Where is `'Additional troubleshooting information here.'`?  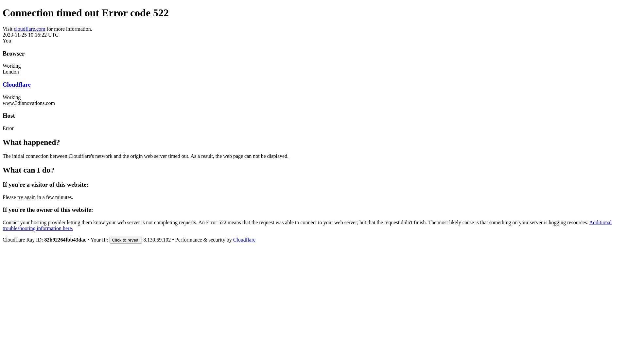
'Additional troubleshooting information here.' is located at coordinates (307, 225).